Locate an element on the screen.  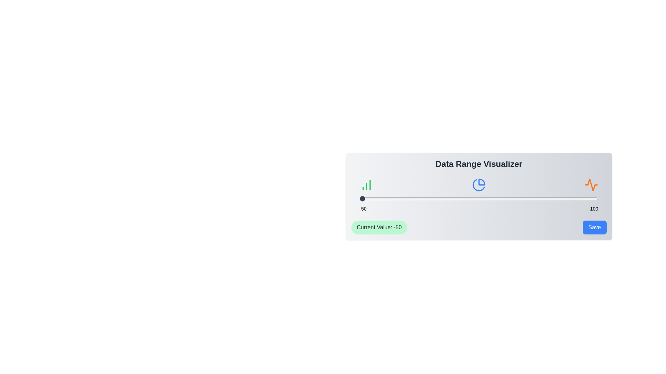
the slider to set the value to 63 is located at coordinates (539, 199).